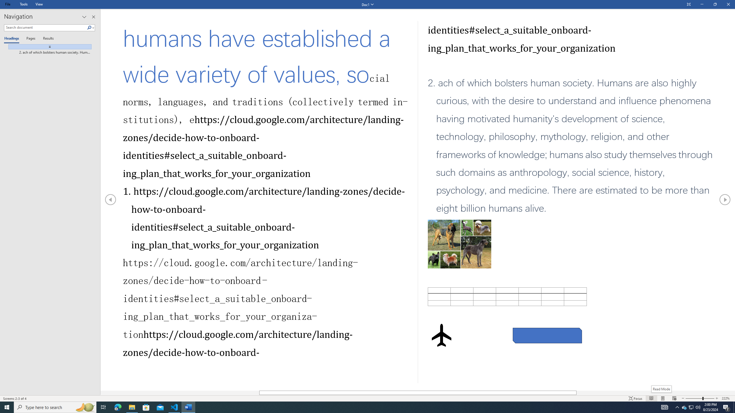  Describe the element at coordinates (717, 398) in the screenshot. I see `'Increase Text Size'` at that location.